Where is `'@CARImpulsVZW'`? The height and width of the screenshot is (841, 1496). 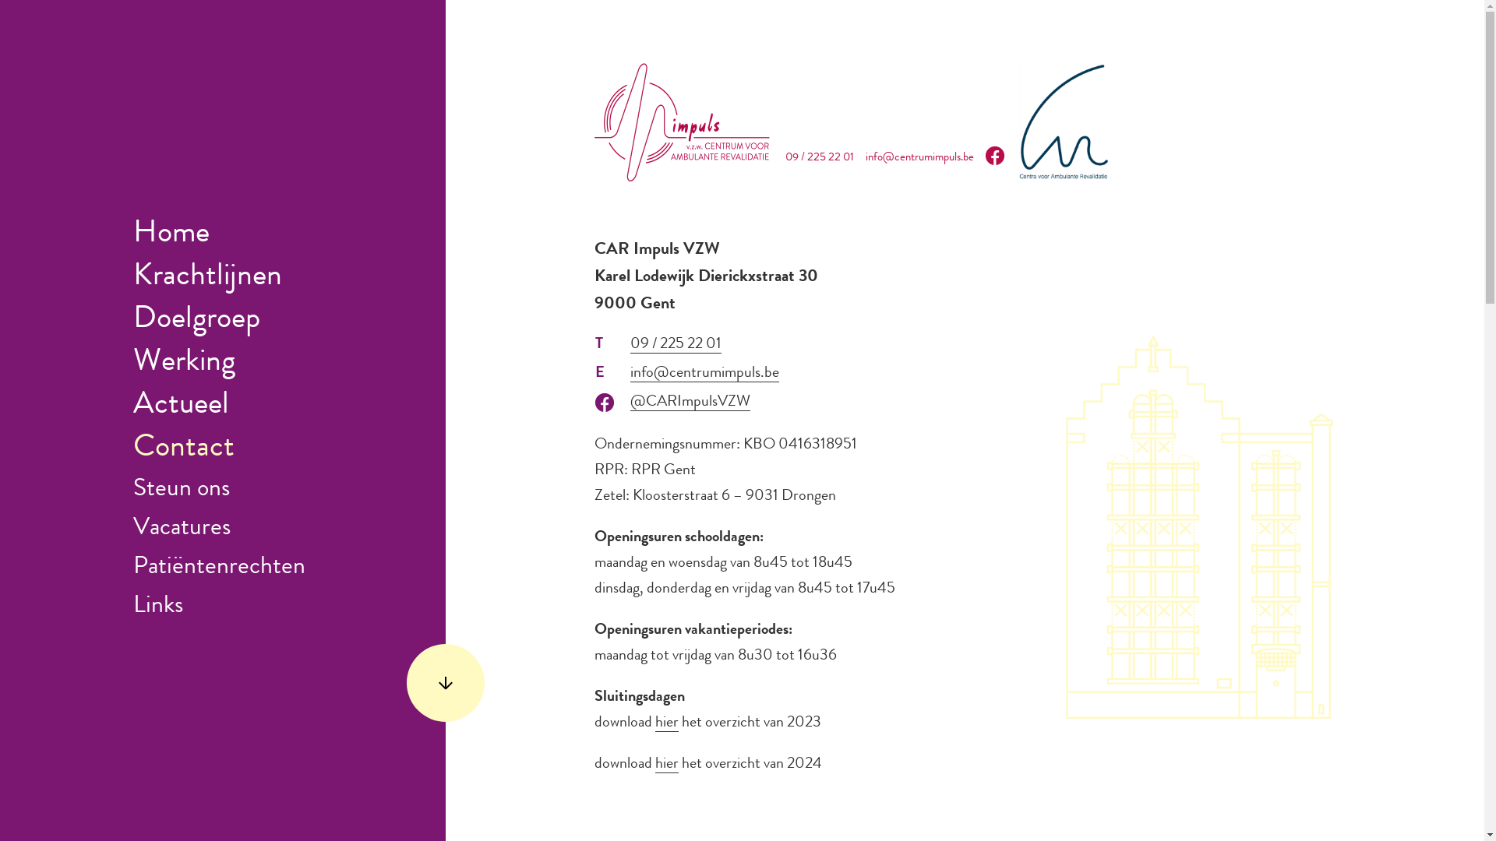
'@CARImpulsVZW' is located at coordinates (690, 402).